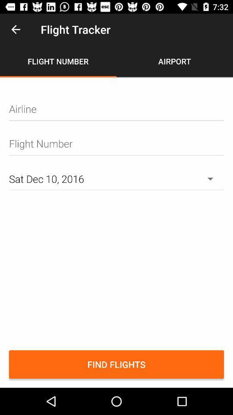  I want to click on icon to the left of the flight tracker item, so click(16, 29).